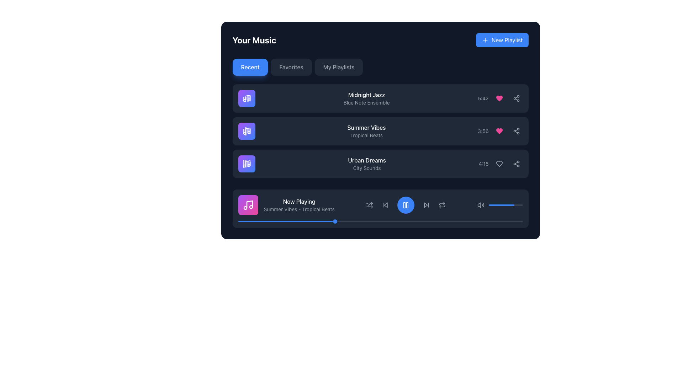 This screenshot has width=683, height=384. What do you see at coordinates (299, 209) in the screenshot?
I see `the text label that displays detailed information about the currently playing track, located underneath the 'Now Playing' label in the 'Now Playing' section` at bounding box center [299, 209].